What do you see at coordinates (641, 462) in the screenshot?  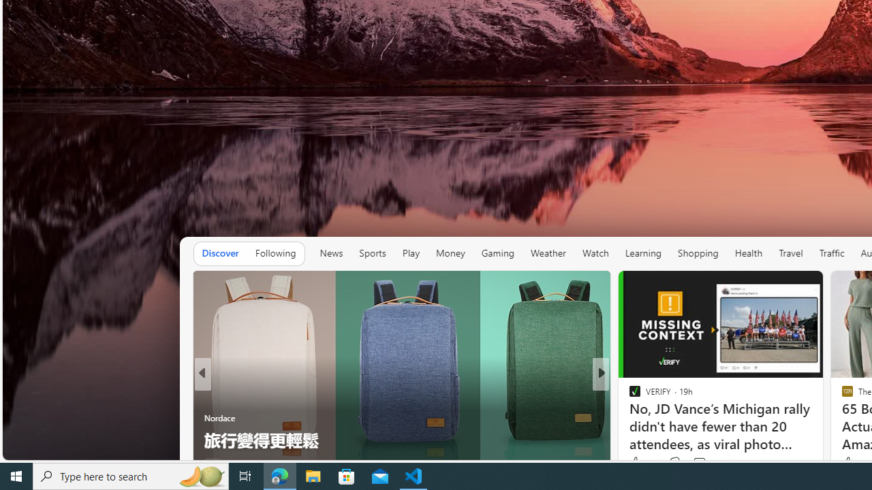 I see `'115 Like'` at bounding box center [641, 462].